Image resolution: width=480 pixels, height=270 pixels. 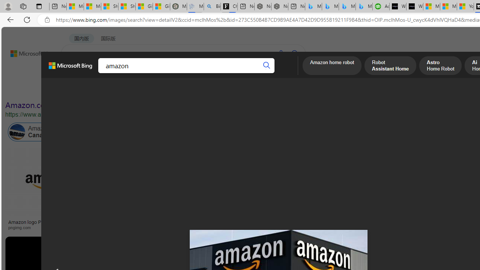 What do you see at coordinates (23, 6) in the screenshot?
I see `'Workspaces'` at bounding box center [23, 6].